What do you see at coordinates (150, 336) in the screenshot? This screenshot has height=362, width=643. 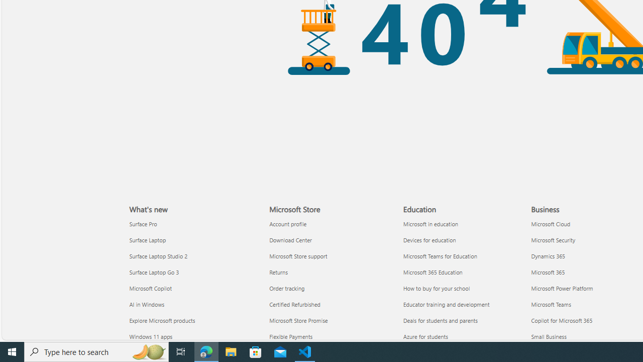 I see `'Windows 11 apps What'` at bounding box center [150, 336].